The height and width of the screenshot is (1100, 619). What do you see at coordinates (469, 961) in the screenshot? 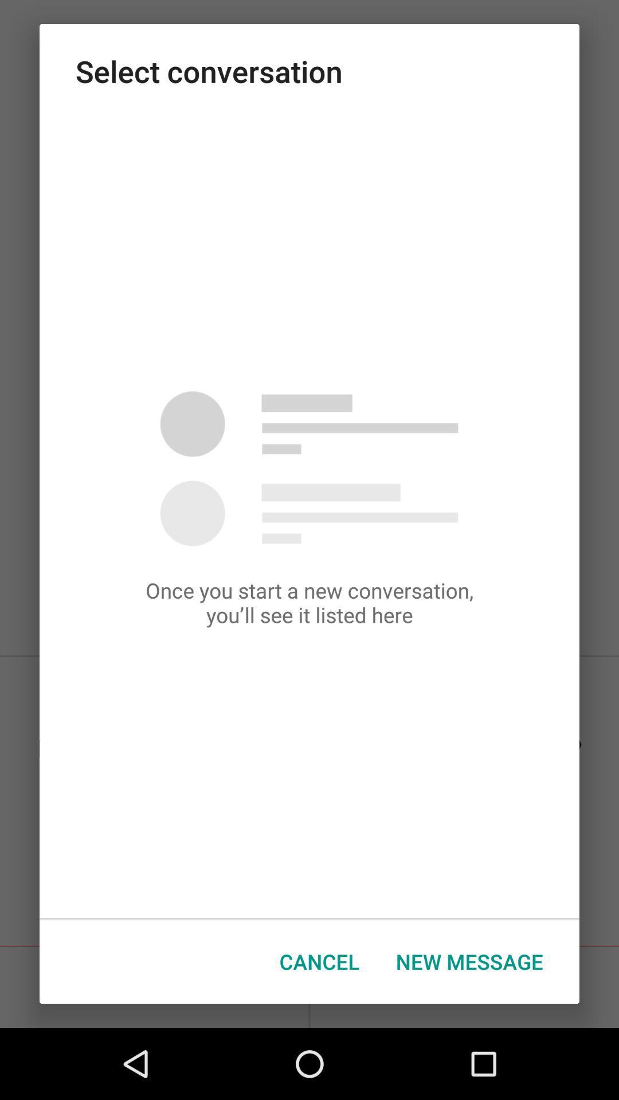
I see `item at the bottom right corner` at bounding box center [469, 961].